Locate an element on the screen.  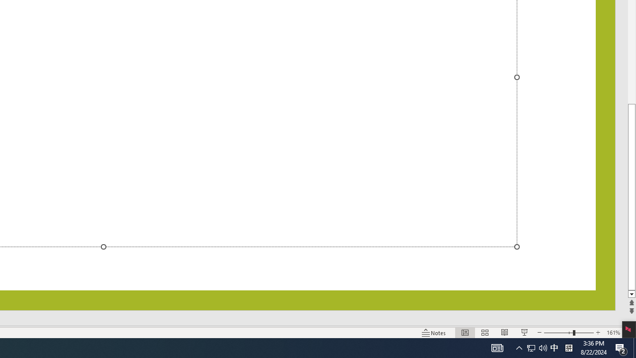
'Zoom Out' is located at coordinates (558, 333).